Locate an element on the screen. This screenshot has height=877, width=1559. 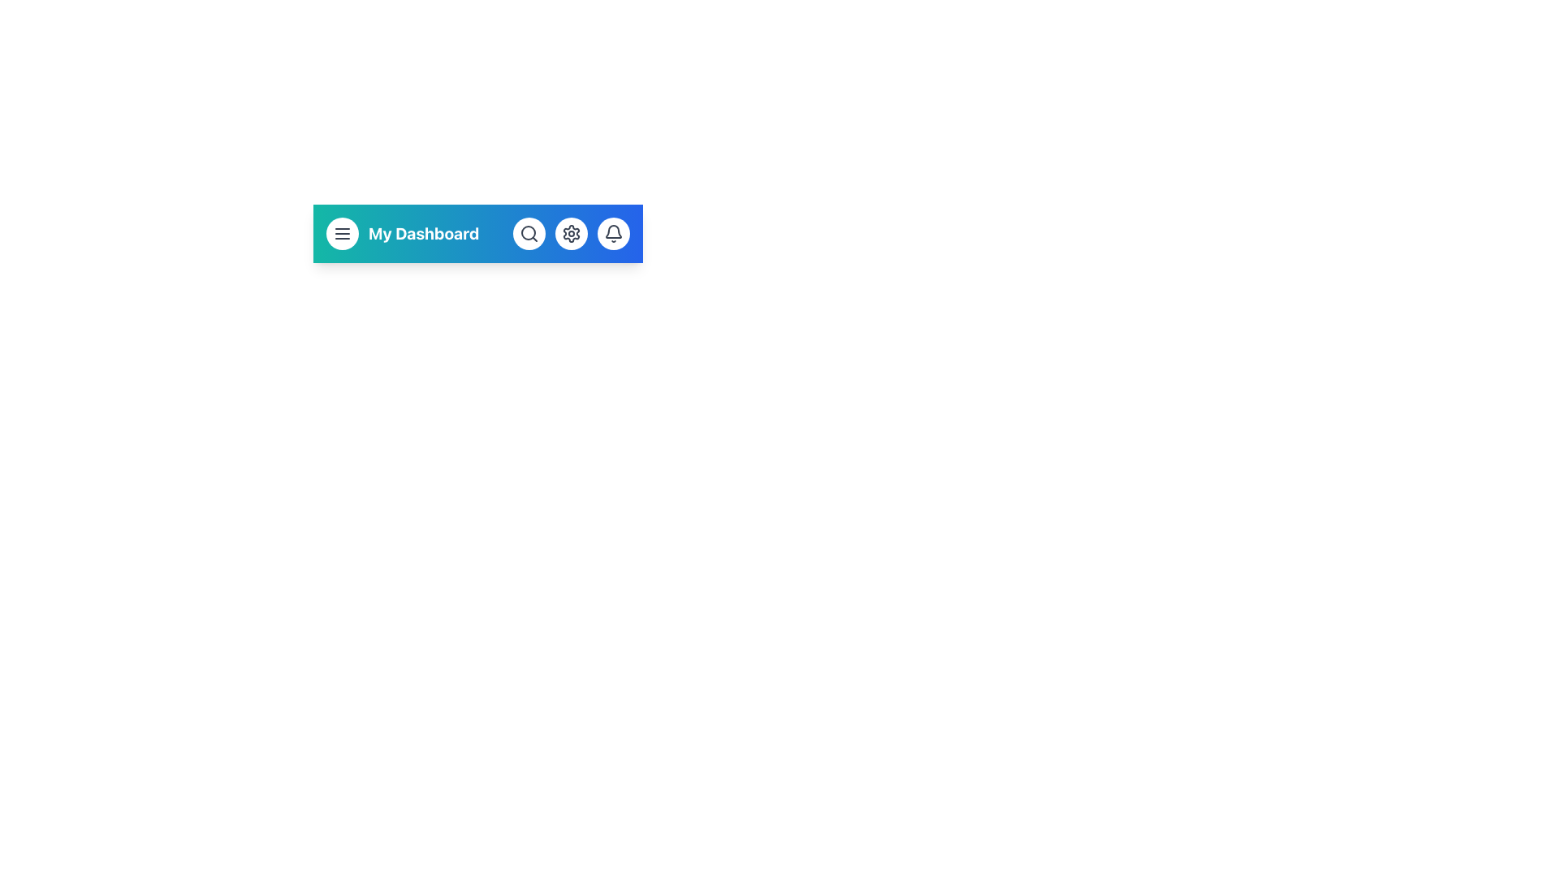
the settings icon button located at the third position in the horizontal row of icons on the right edge of the navigation bar is located at coordinates (572, 234).